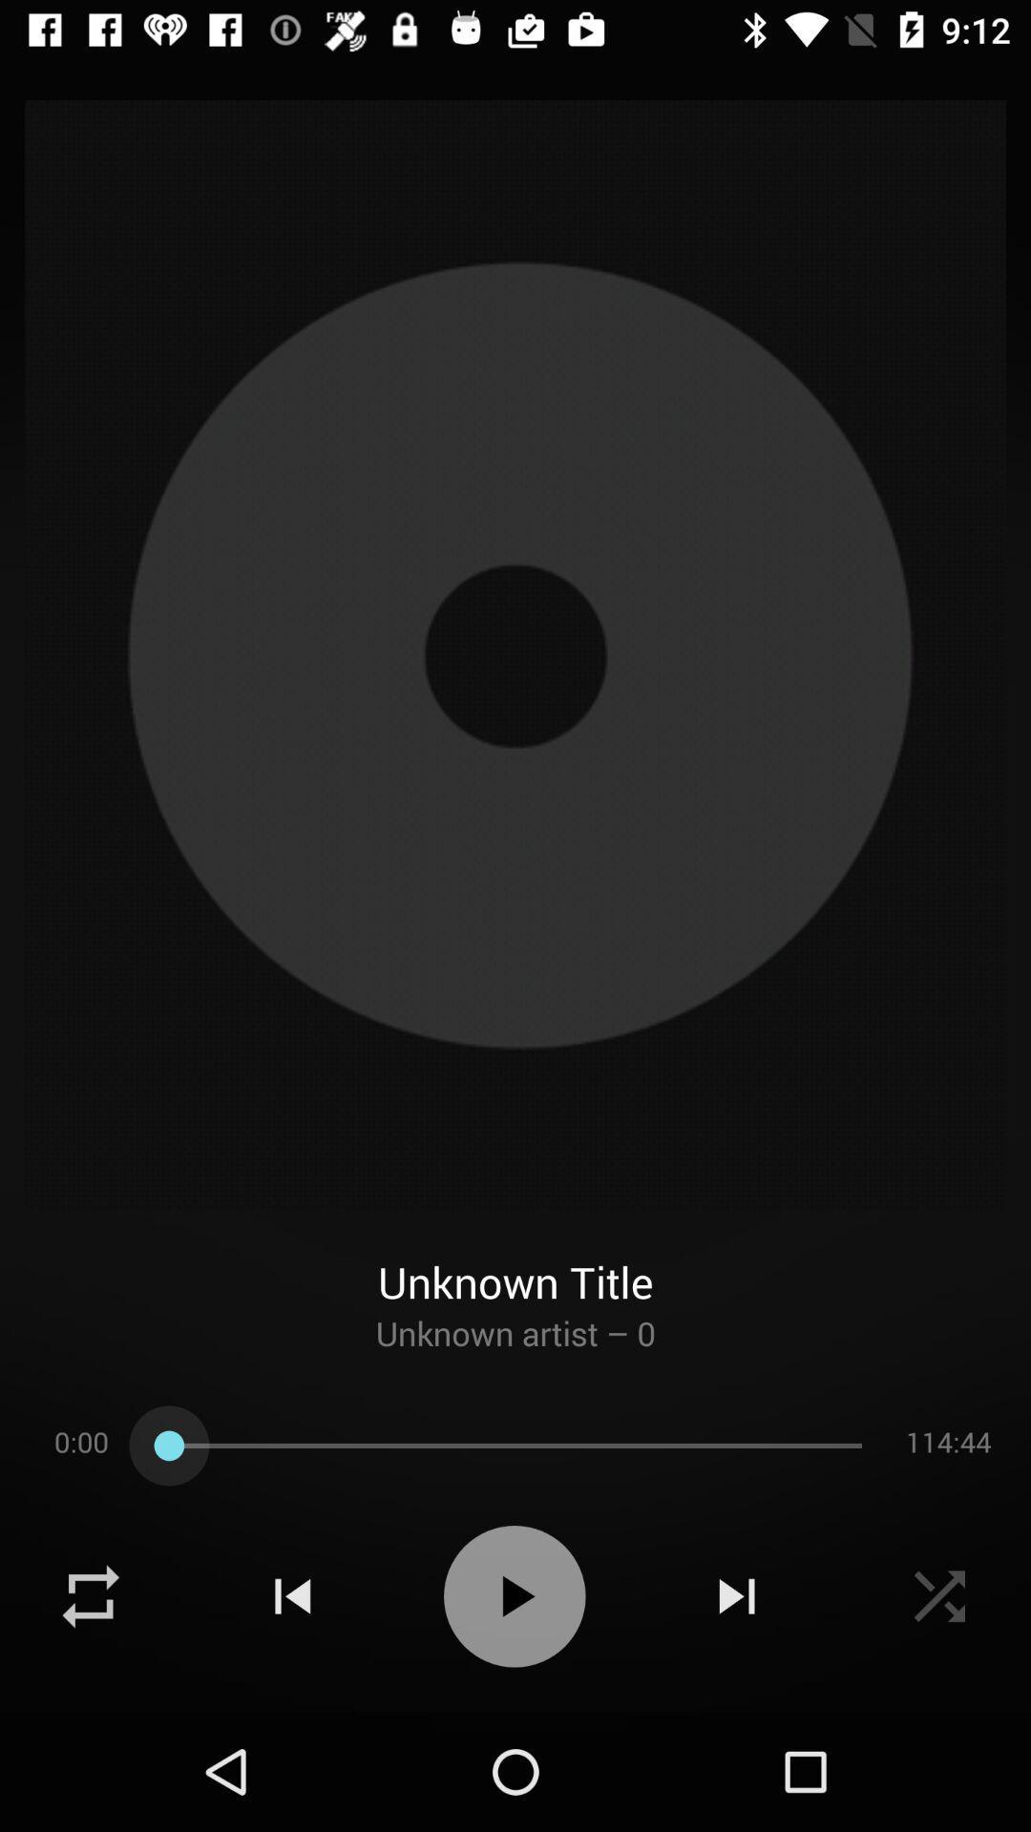 This screenshot has width=1031, height=1832. Describe the element at coordinates (514, 1596) in the screenshot. I see `button` at that location.